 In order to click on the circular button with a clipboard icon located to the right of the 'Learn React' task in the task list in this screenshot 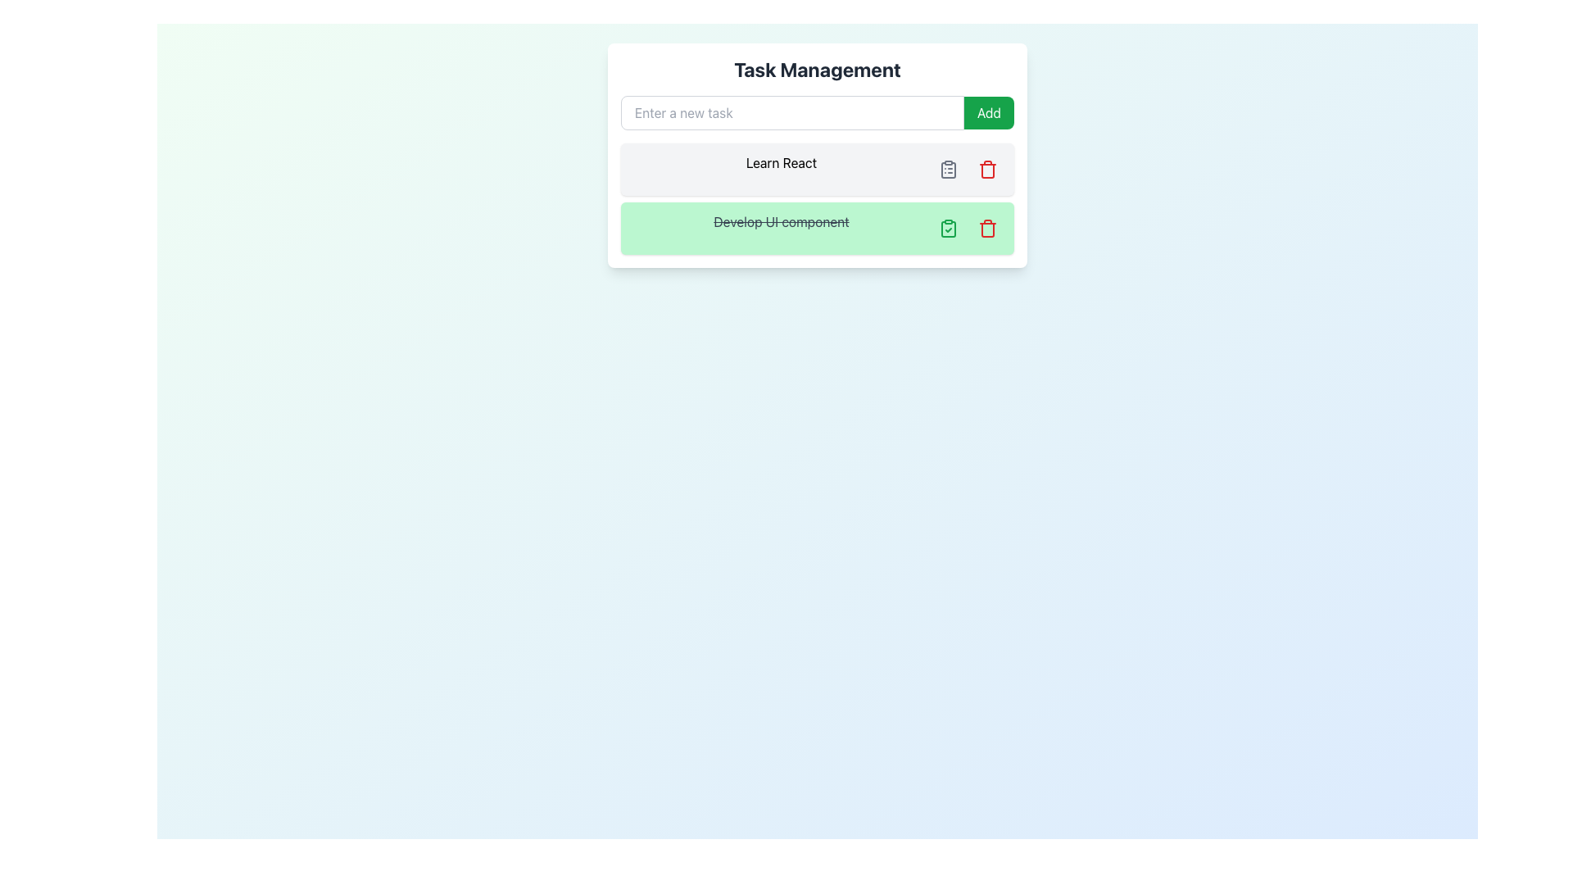, I will do `click(948, 170)`.